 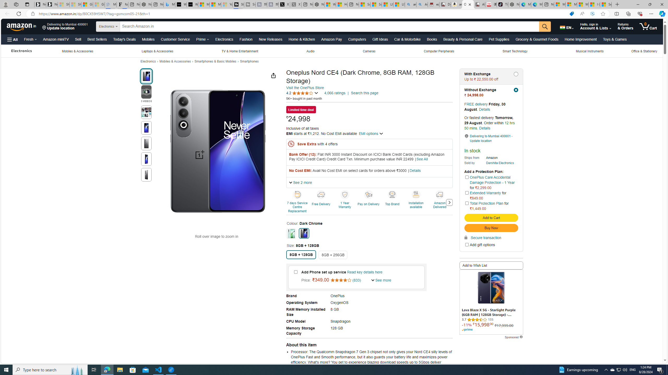 What do you see at coordinates (567, 26) in the screenshot?
I see `'Choose a language for shopping.'` at bounding box center [567, 26].